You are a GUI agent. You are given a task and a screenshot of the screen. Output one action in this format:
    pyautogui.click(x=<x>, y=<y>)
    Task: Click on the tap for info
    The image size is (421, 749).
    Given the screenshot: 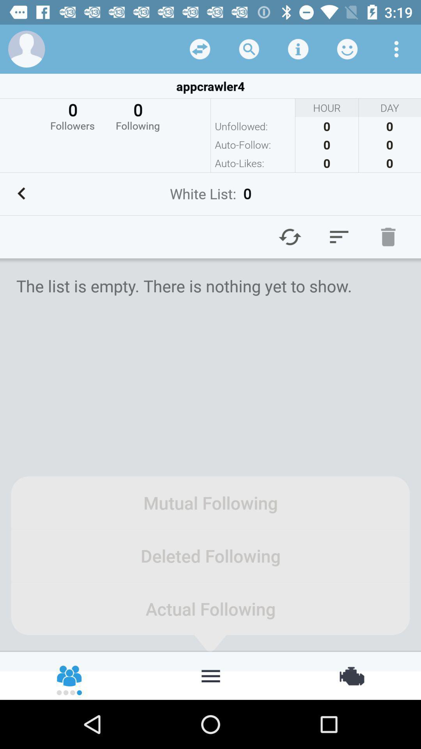 What is the action you would take?
    pyautogui.click(x=298, y=48)
    